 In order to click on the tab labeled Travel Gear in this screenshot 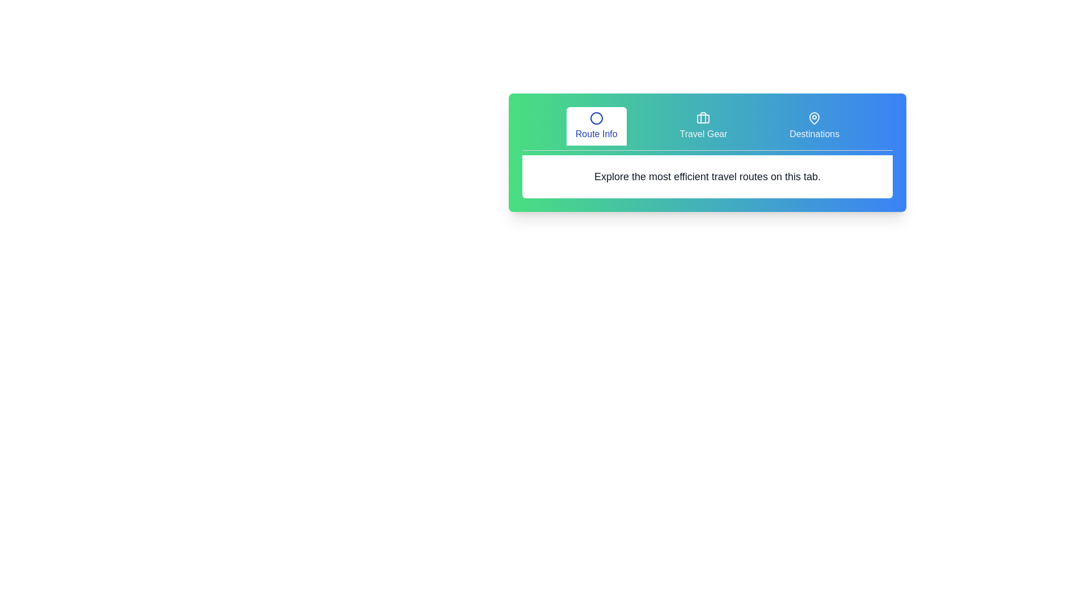, I will do `click(703, 126)`.